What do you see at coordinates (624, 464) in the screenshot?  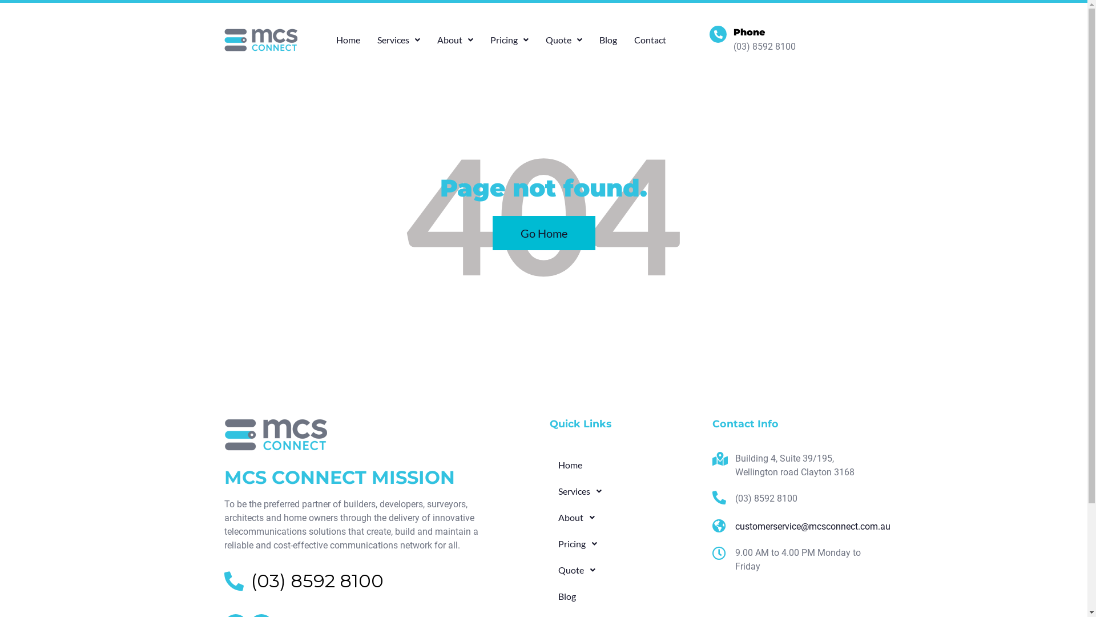 I see `'Home'` at bounding box center [624, 464].